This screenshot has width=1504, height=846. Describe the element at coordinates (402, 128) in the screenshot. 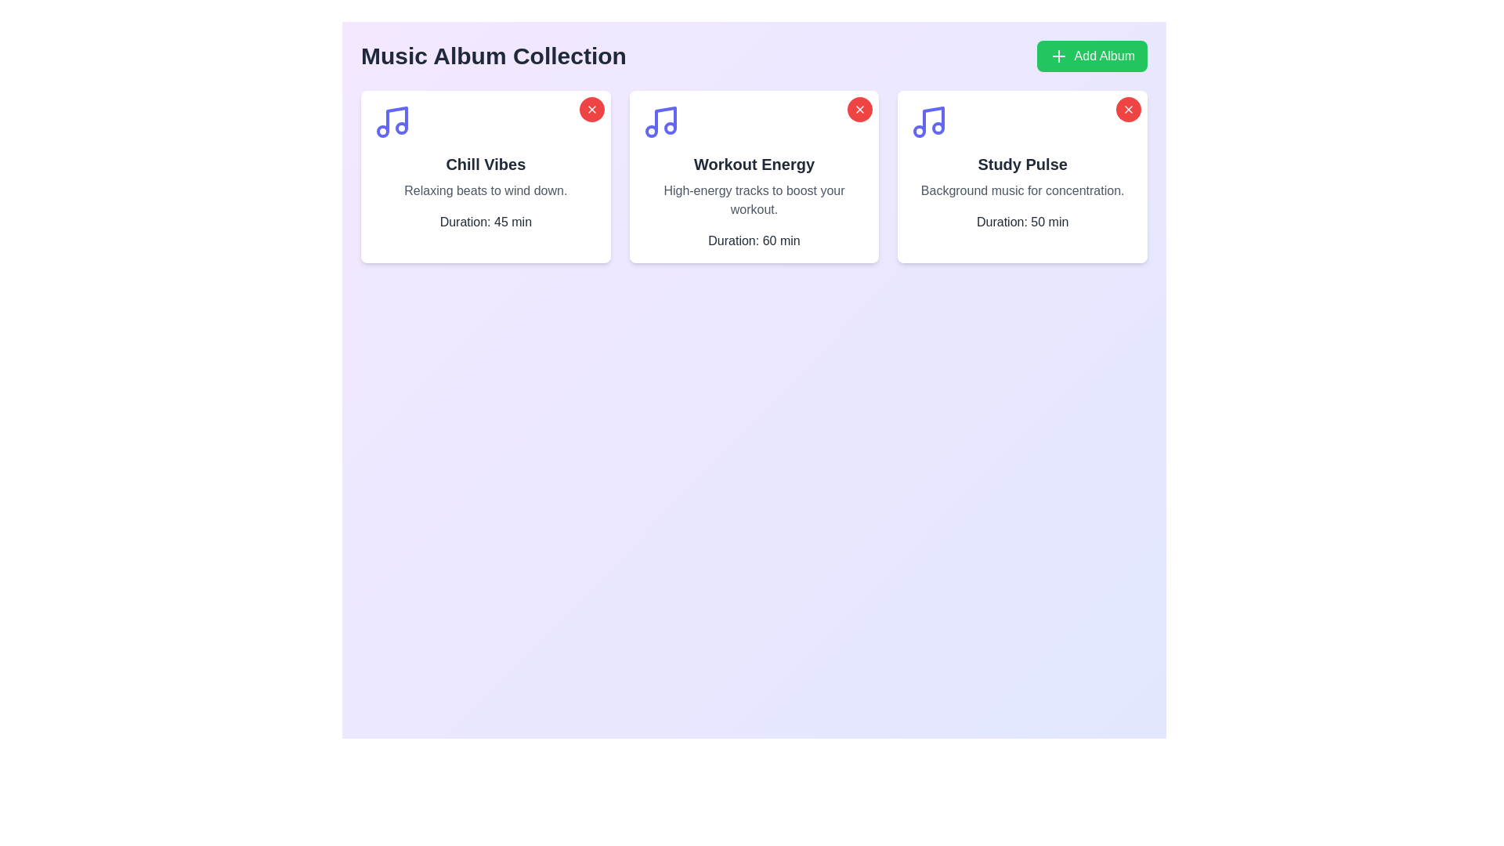

I see `the decorative circle element in the SVG musical note icon located in the top-left corner of the first card in the interface` at that location.